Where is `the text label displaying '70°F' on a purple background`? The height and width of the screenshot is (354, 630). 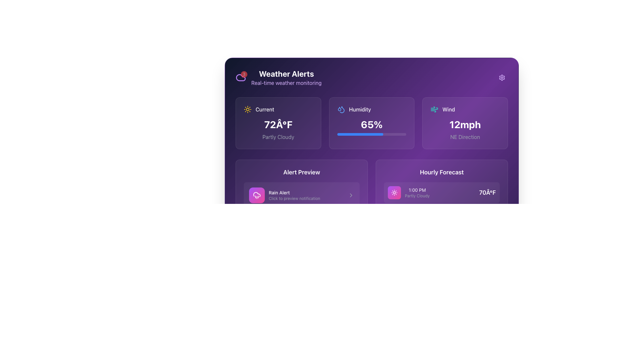
the text label displaying '70°F' on a purple background is located at coordinates (487, 192).